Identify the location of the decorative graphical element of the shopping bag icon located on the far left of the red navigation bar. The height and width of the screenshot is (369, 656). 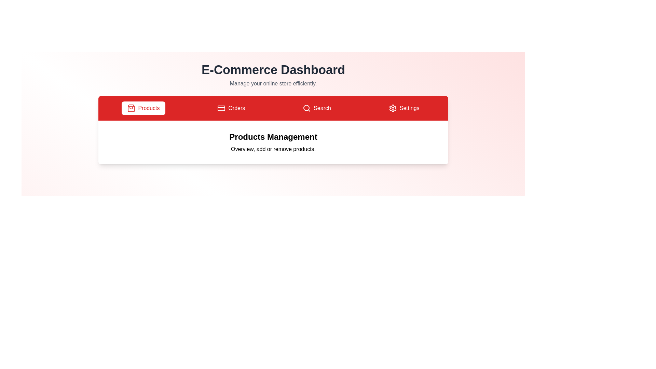
(131, 108).